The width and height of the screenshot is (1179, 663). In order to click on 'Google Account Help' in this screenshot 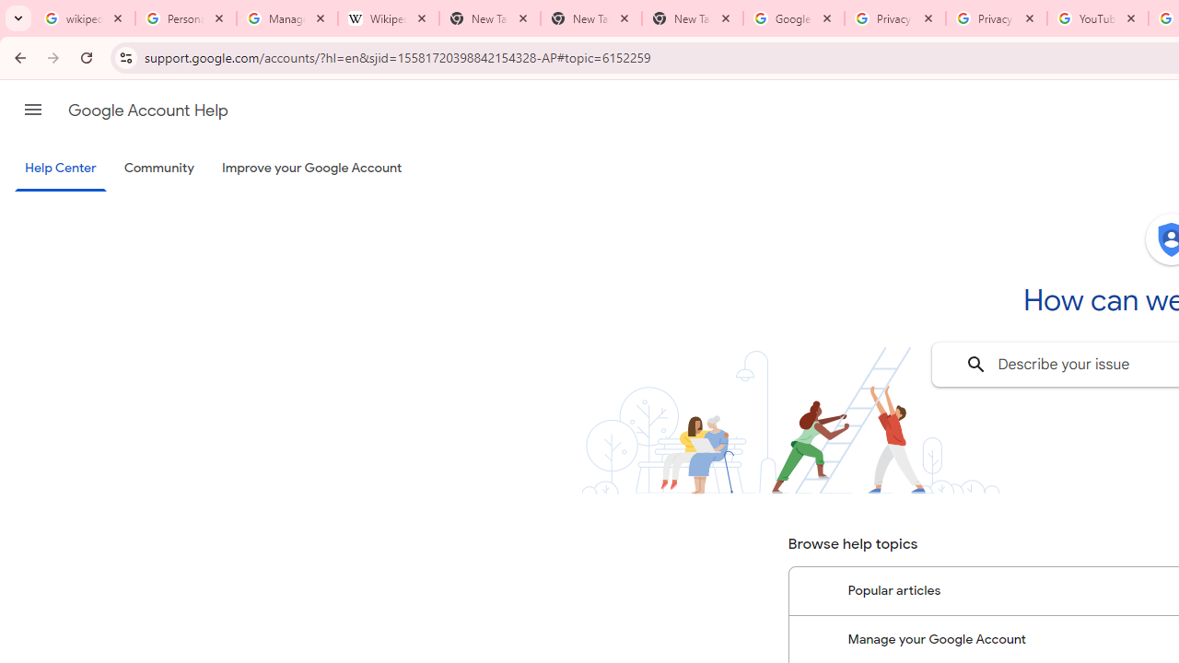, I will do `click(147, 110)`.